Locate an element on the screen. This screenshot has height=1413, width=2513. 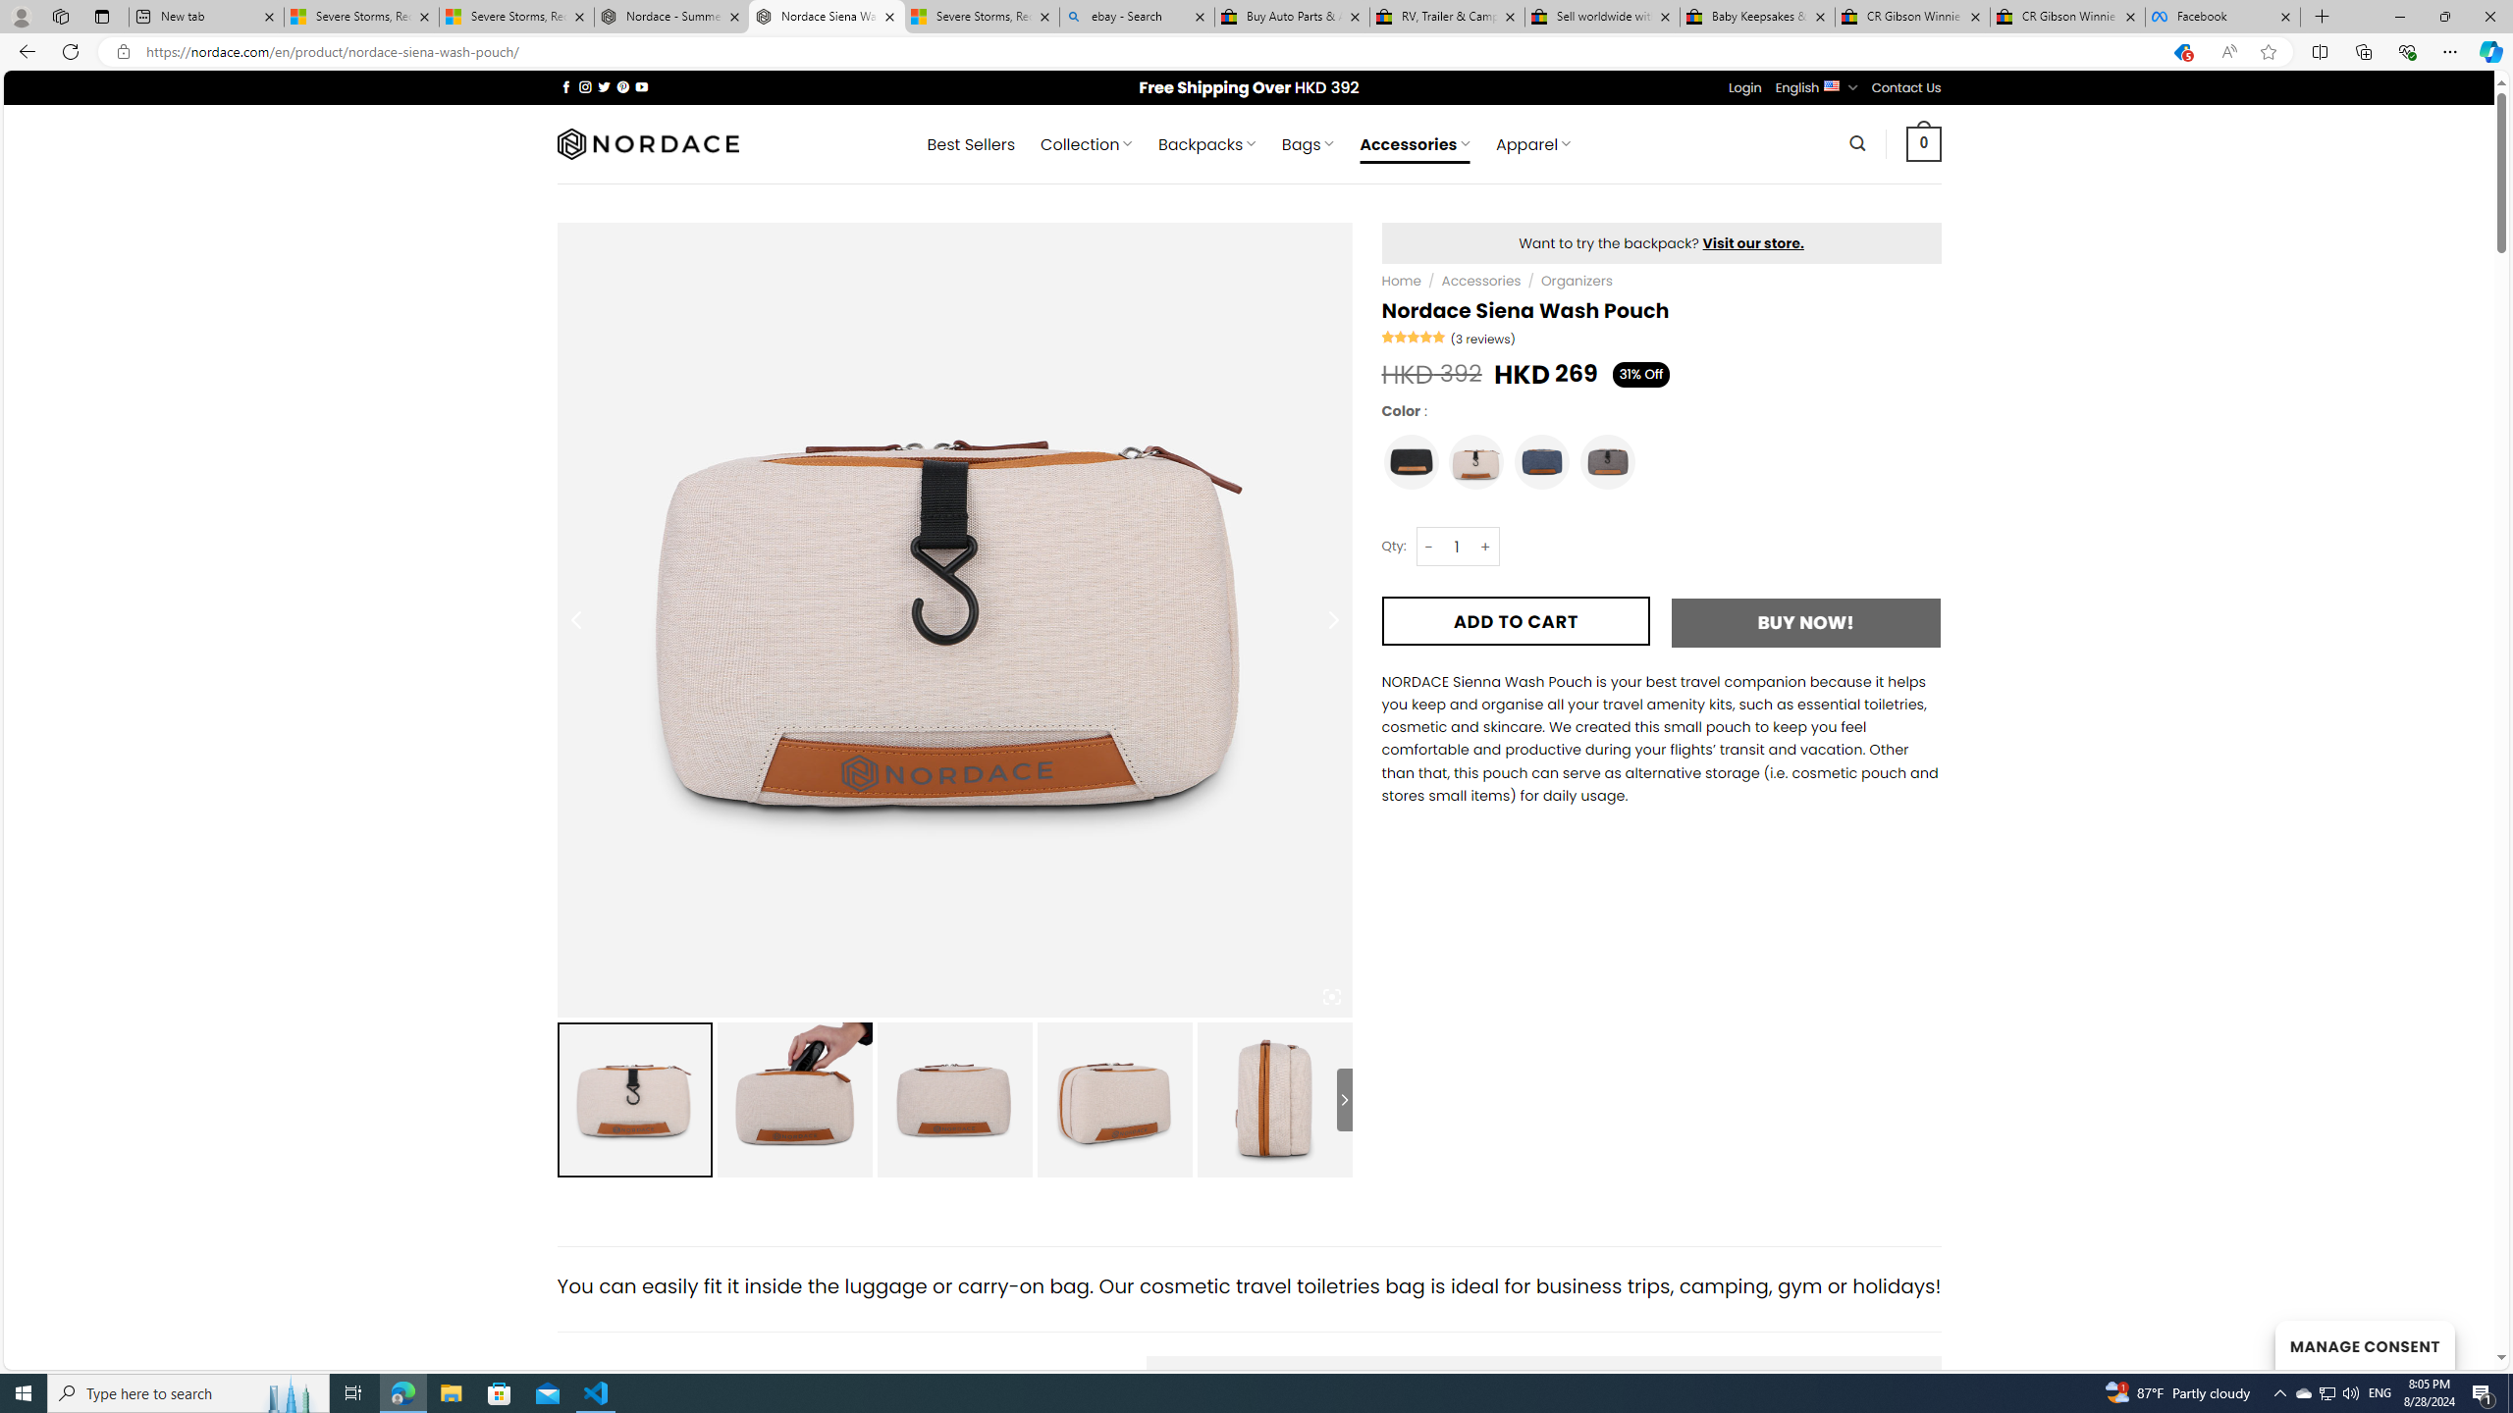
'Buy Auto Parts & Accessories | eBay' is located at coordinates (1290, 16).